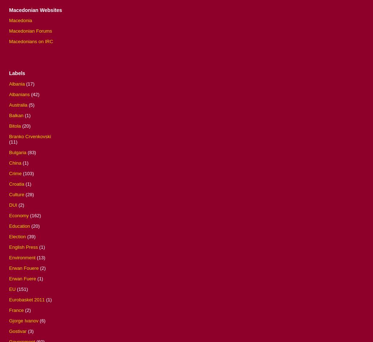  I want to click on 'Election', so click(17, 236).